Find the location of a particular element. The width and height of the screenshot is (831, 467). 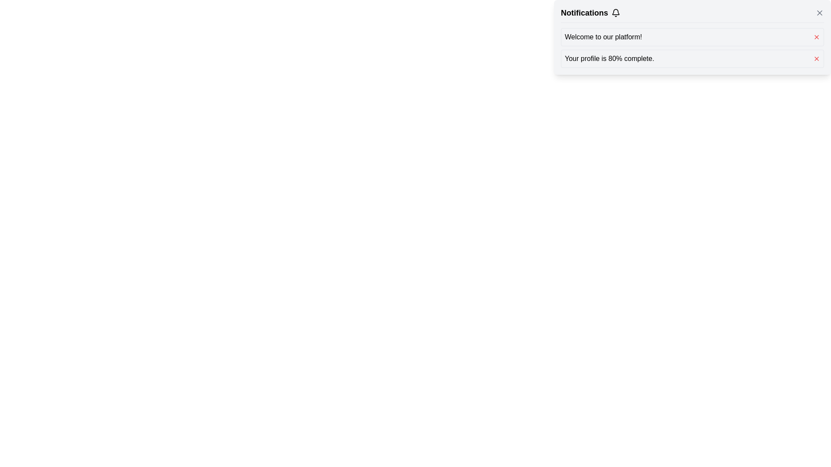

the close button for the notification, located on the far right next to the text 'Your profile is 80% complete' is located at coordinates (816, 58).